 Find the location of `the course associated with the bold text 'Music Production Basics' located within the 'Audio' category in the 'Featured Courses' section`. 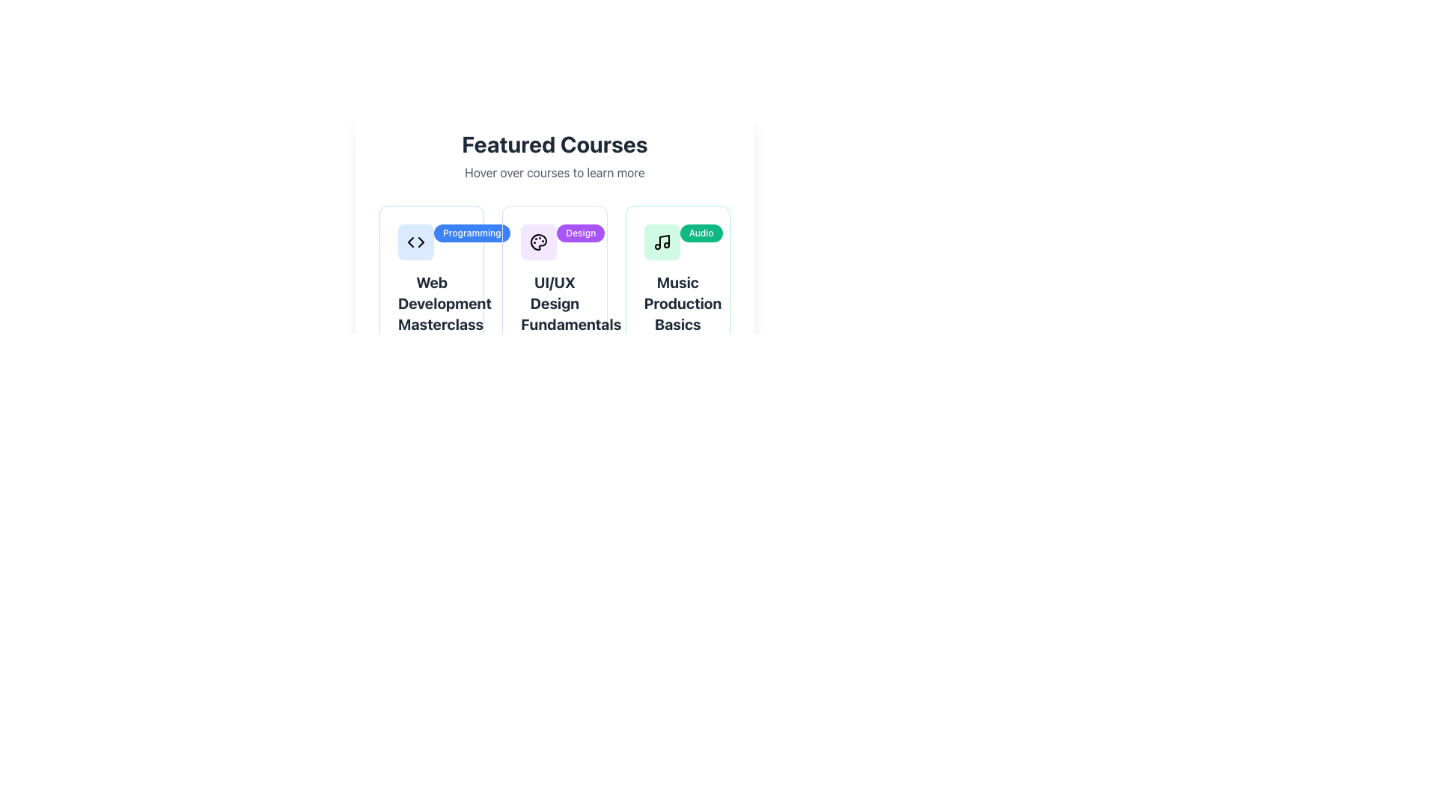

the course associated with the bold text 'Music Production Basics' located within the 'Audio' category in the 'Featured Courses' section is located at coordinates (677, 303).